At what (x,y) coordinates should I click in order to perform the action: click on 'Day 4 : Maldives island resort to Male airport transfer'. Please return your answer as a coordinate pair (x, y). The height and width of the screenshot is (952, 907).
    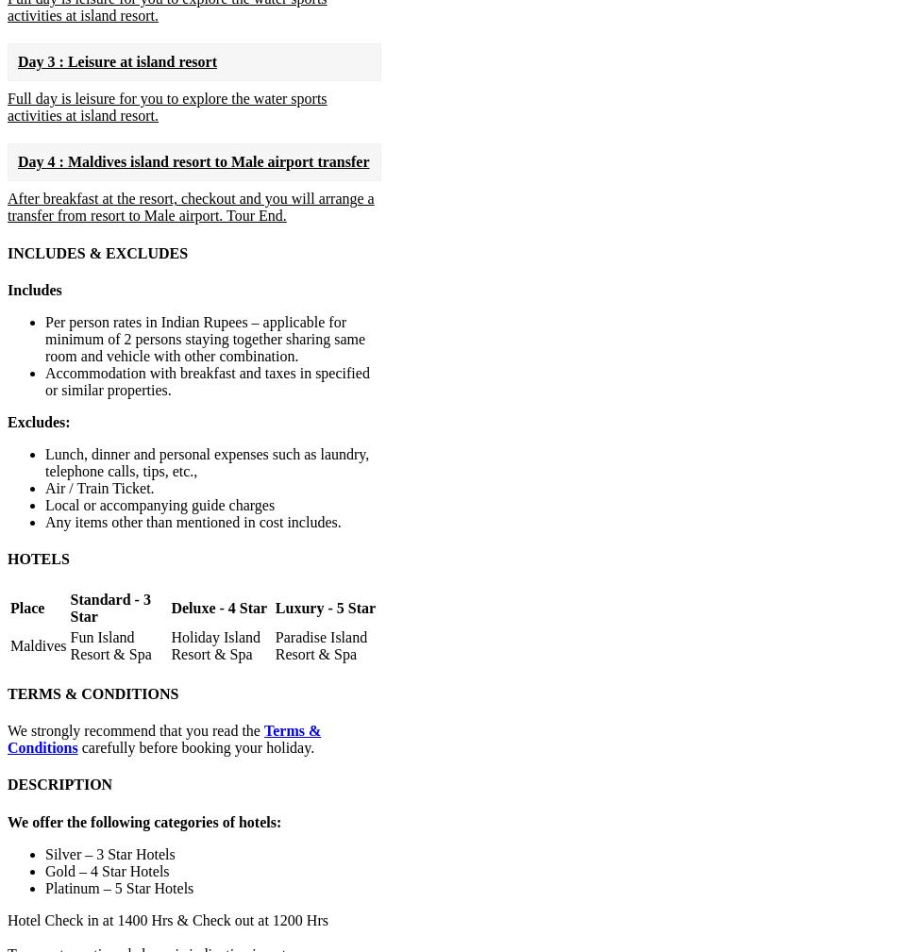
    Looking at the image, I should click on (193, 160).